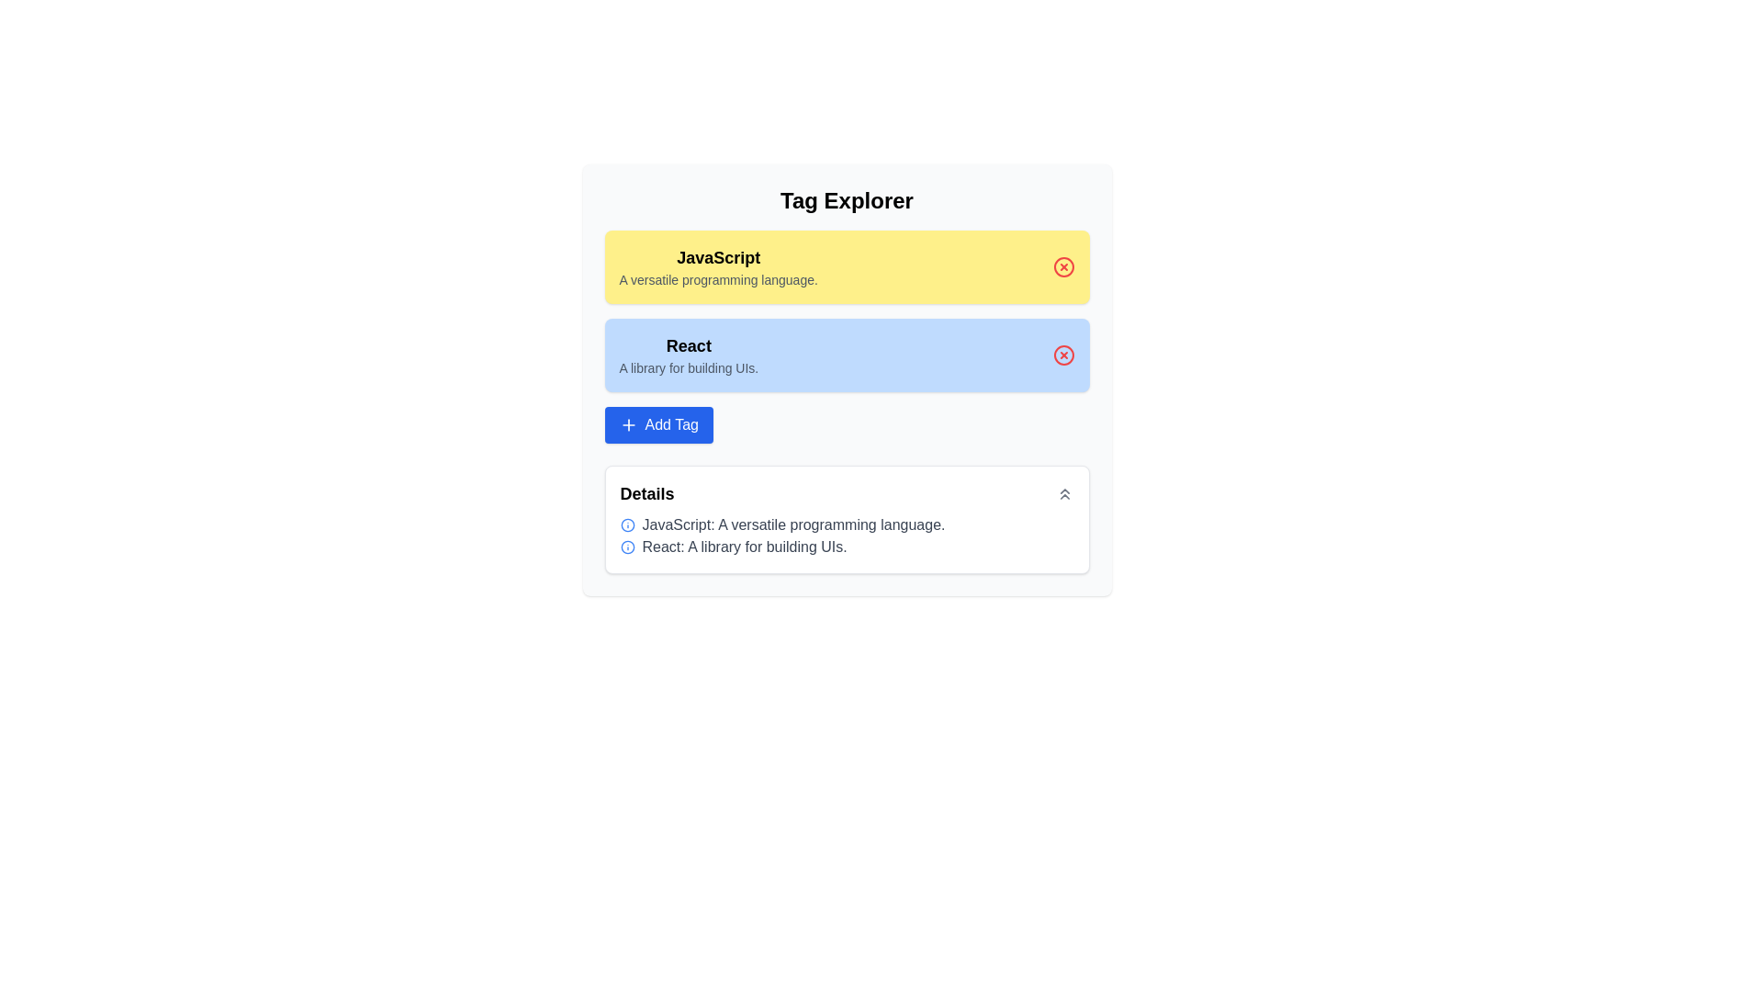 This screenshot has width=1763, height=992. I want to click on the static text label that describes or provides additional context about 'React', positioned directly below the text 'React' within the blue rectangular section, so click(688, 368).